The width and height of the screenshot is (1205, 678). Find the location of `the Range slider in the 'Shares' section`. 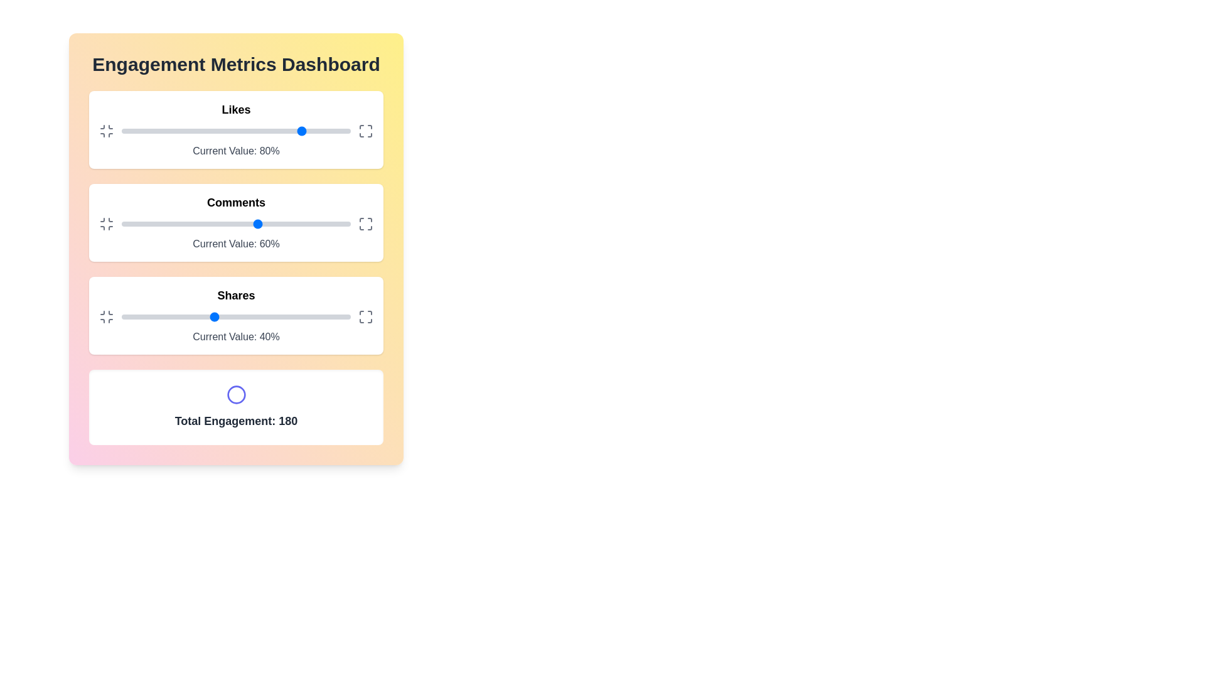

the Range slider in the 'Shares' section is located at coordinates (236, 316).